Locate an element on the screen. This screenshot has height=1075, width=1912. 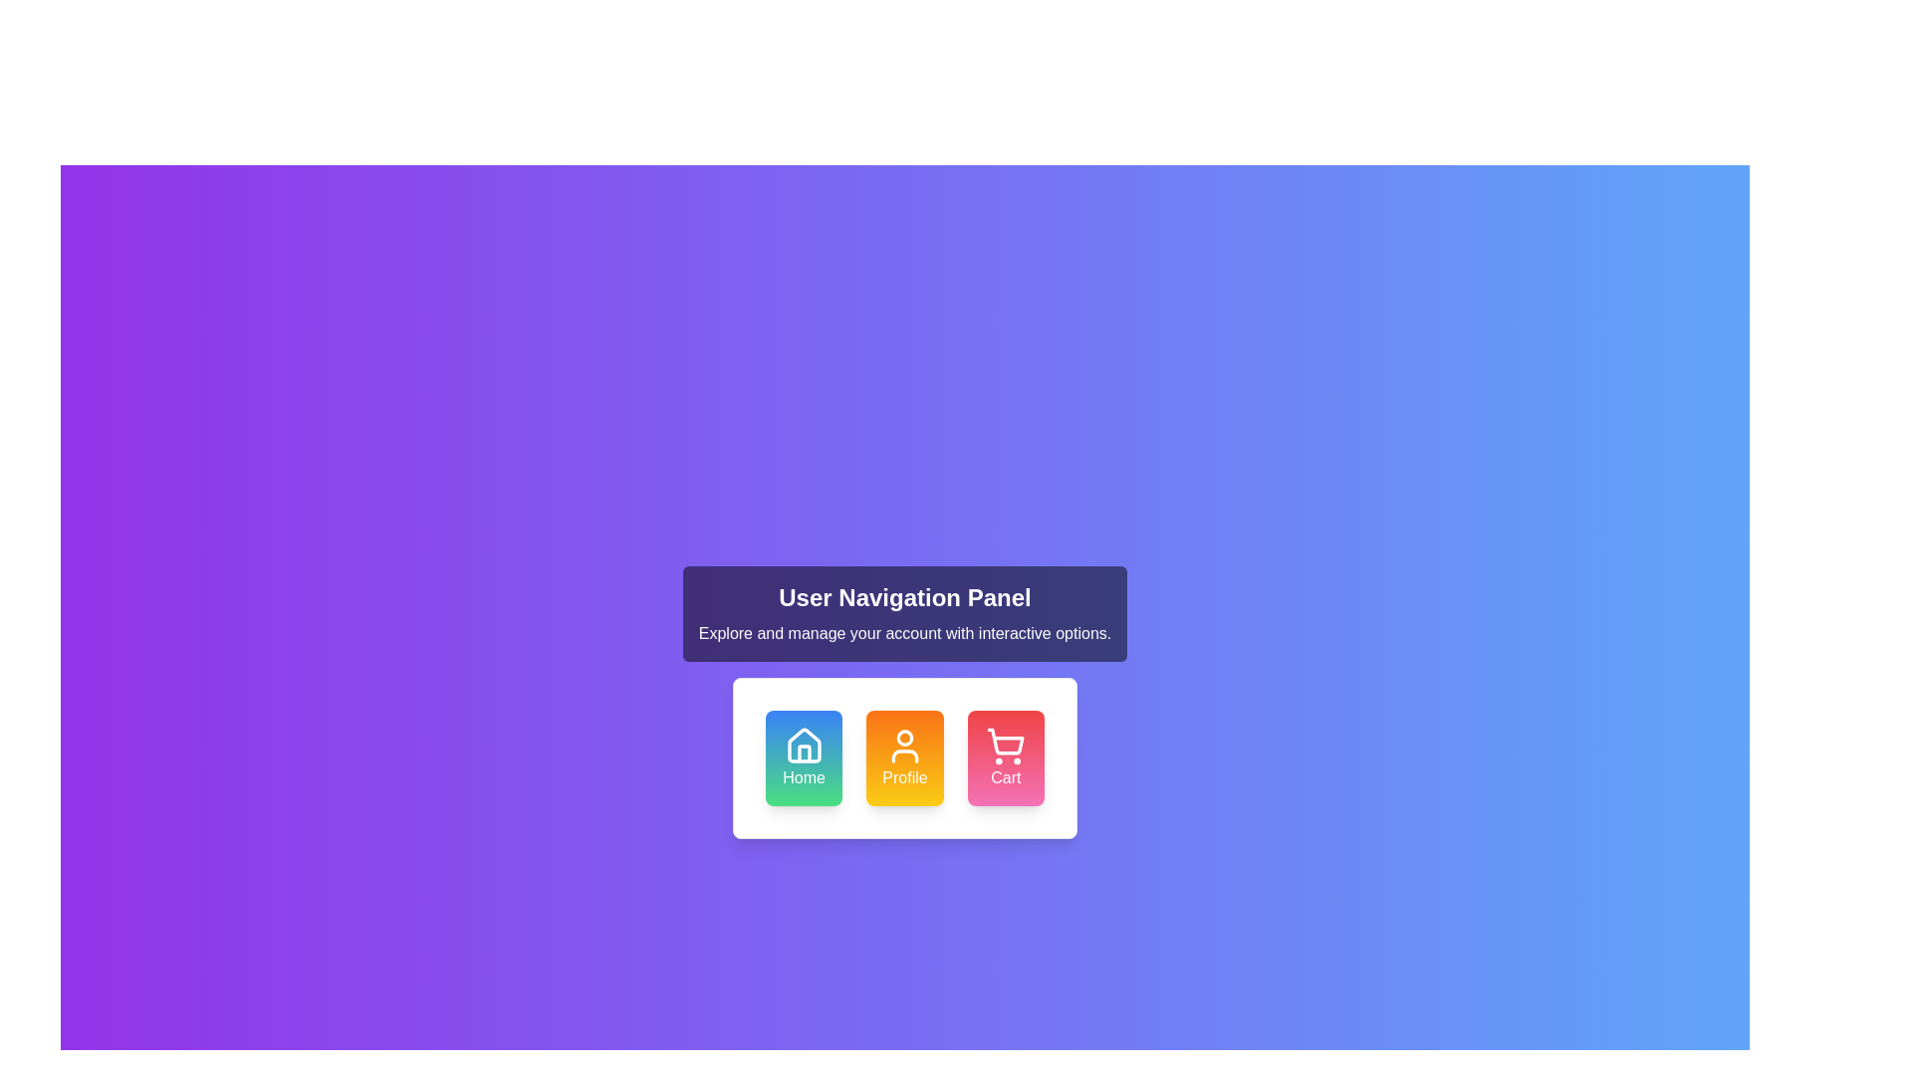
the house icon, which is a minimalist white vector icon located at the top center of the green rectangular 'Home' button in the User Navigation Panel is located at coordinates (804, 746).